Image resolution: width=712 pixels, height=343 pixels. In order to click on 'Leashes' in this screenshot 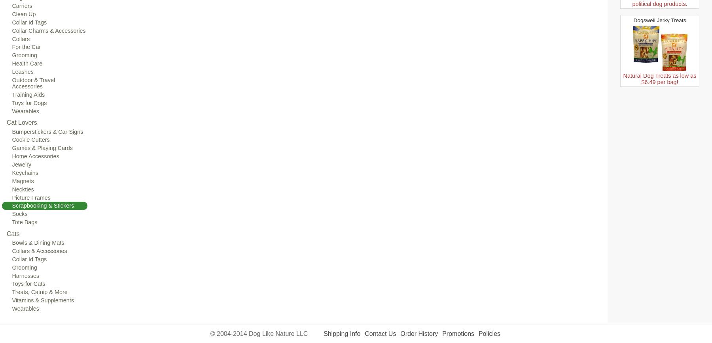, I will do `click(22, 71)`.